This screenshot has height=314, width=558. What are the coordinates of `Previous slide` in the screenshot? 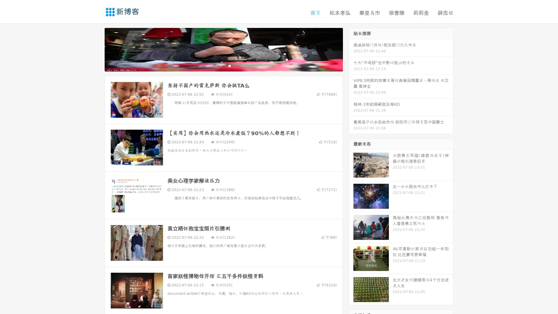 It's located at (96, 49).